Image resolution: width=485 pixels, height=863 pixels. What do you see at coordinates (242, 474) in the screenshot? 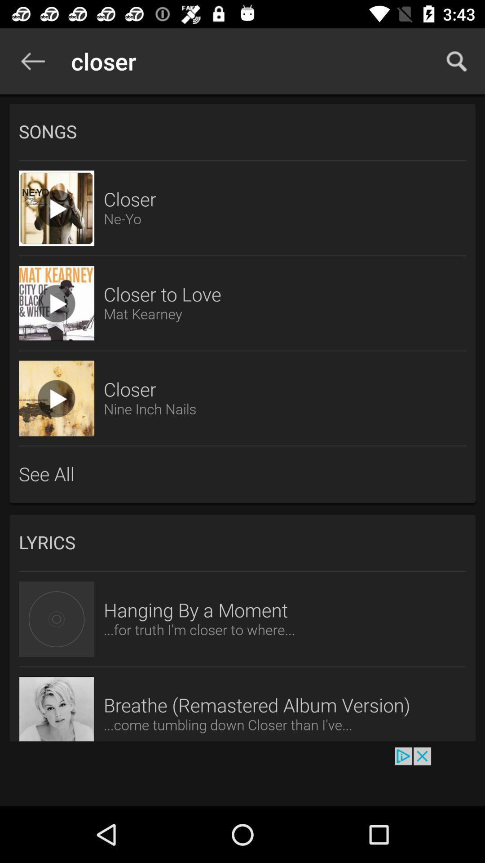
I see `see all` at bounding box center [242, 474].